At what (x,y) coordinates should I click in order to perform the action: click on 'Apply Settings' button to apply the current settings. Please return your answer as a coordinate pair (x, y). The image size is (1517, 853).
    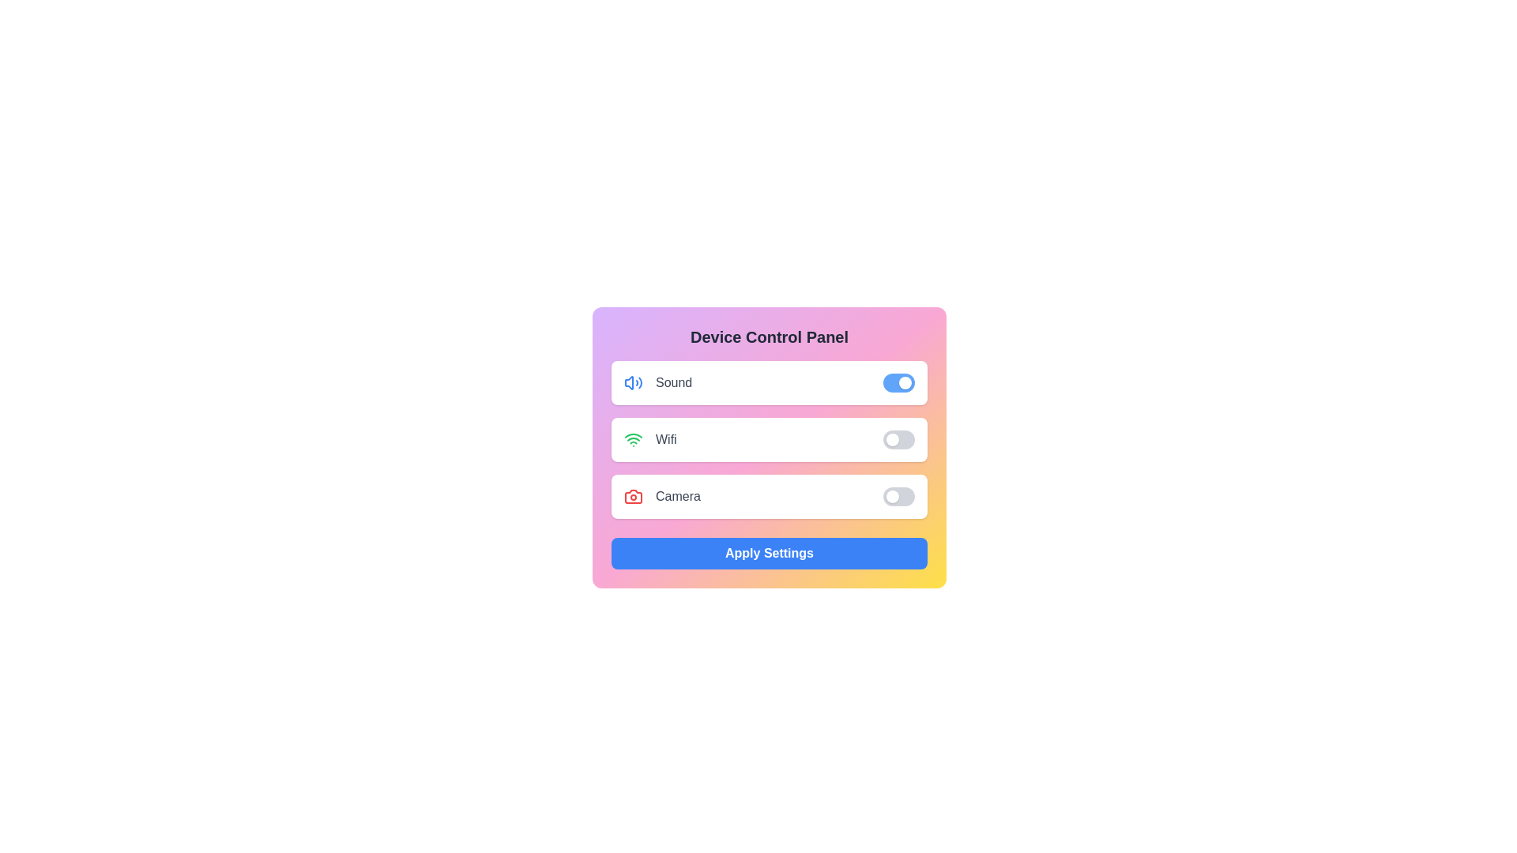
    Looking at the image, I should click on (770, 553).